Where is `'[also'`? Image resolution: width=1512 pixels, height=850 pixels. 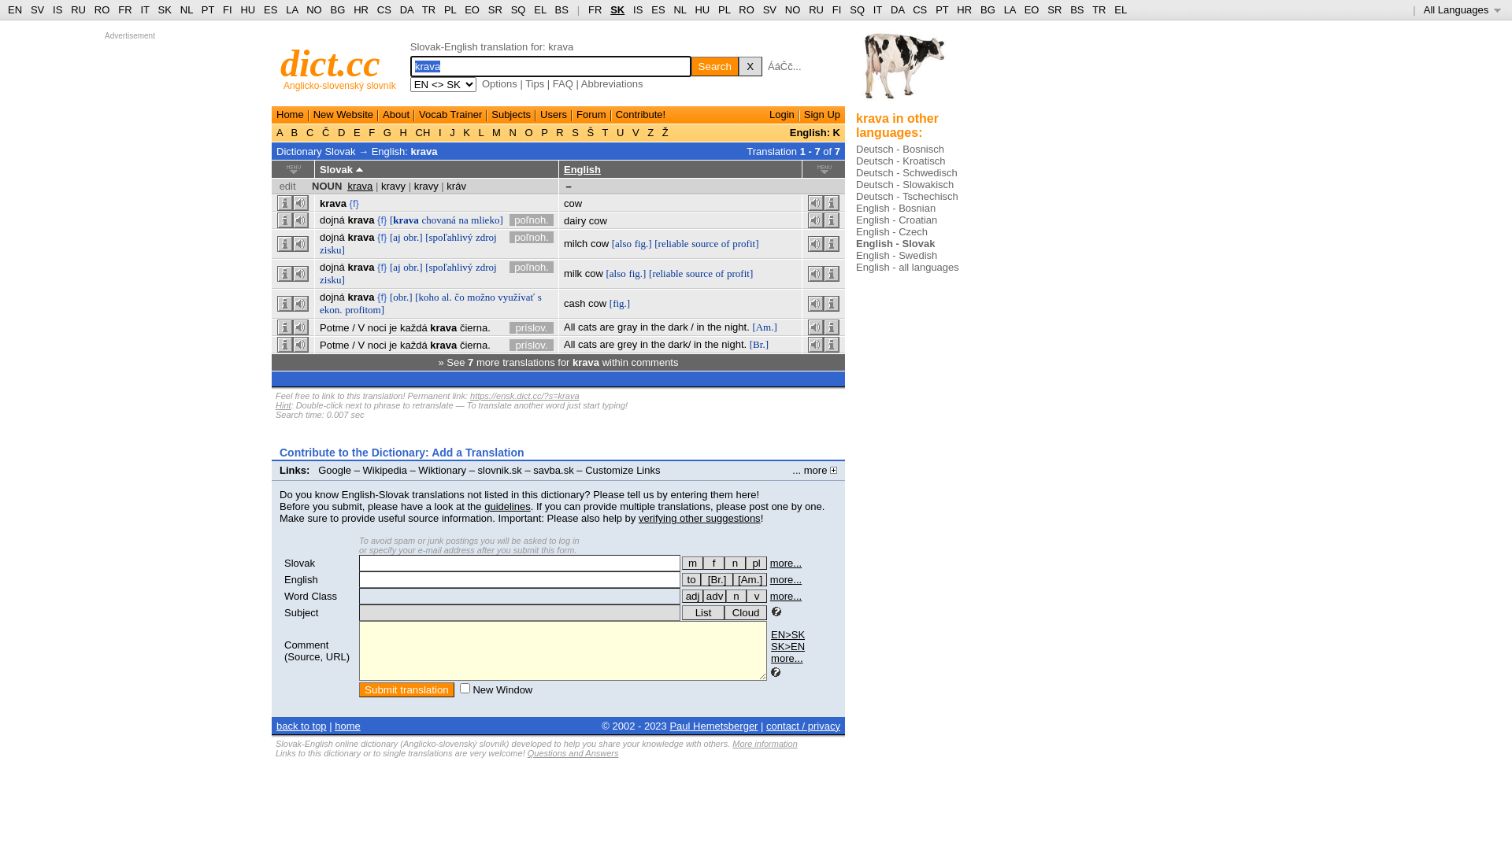 '[also' is located at coordinates (621, 243).